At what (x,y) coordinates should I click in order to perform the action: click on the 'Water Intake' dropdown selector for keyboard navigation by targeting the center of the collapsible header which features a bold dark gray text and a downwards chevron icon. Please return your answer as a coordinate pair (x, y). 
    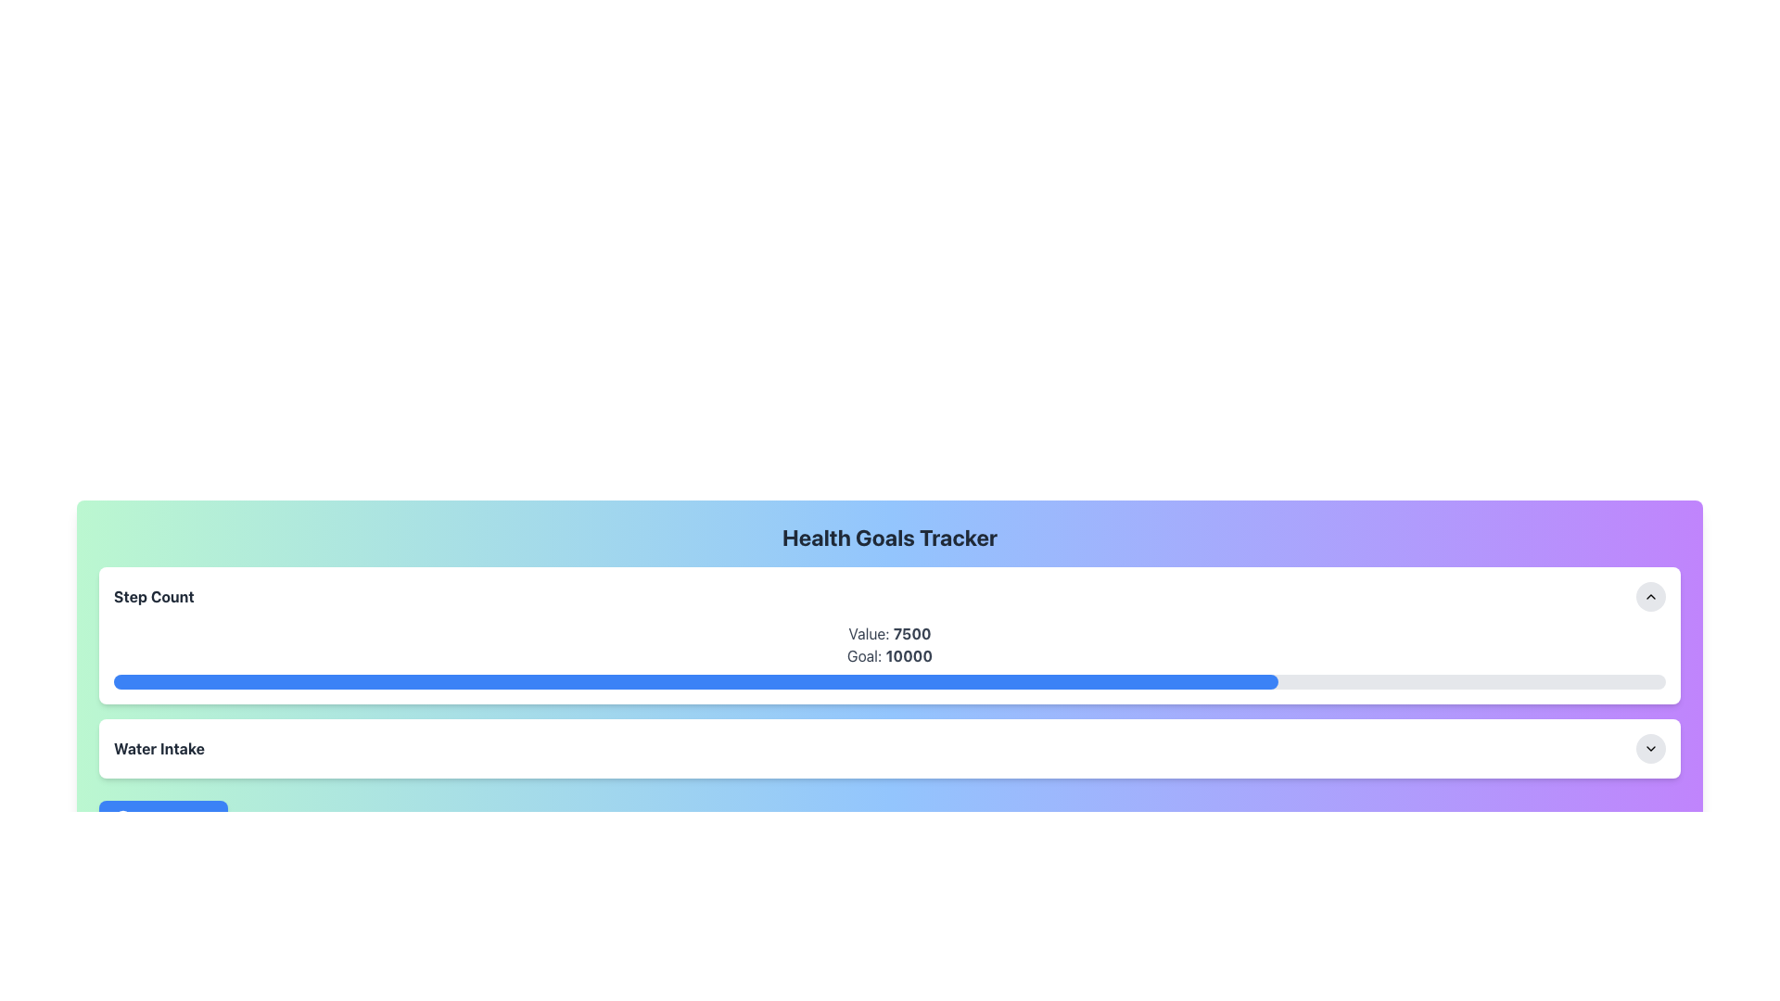
    Looking at the image, I should click on (890, 747).